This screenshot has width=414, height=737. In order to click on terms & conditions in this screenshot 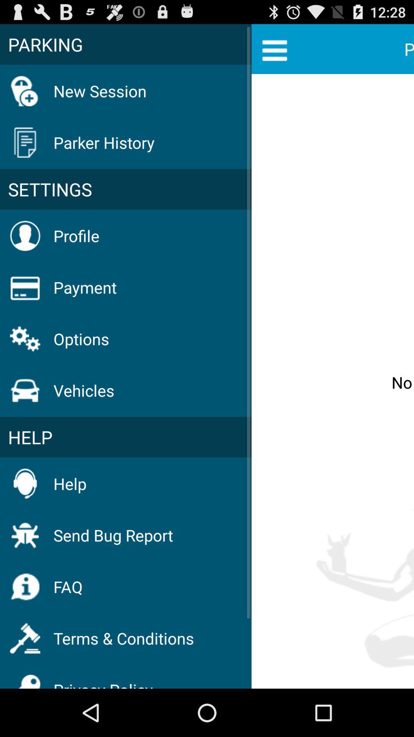, I will do `click(123, 638)`.